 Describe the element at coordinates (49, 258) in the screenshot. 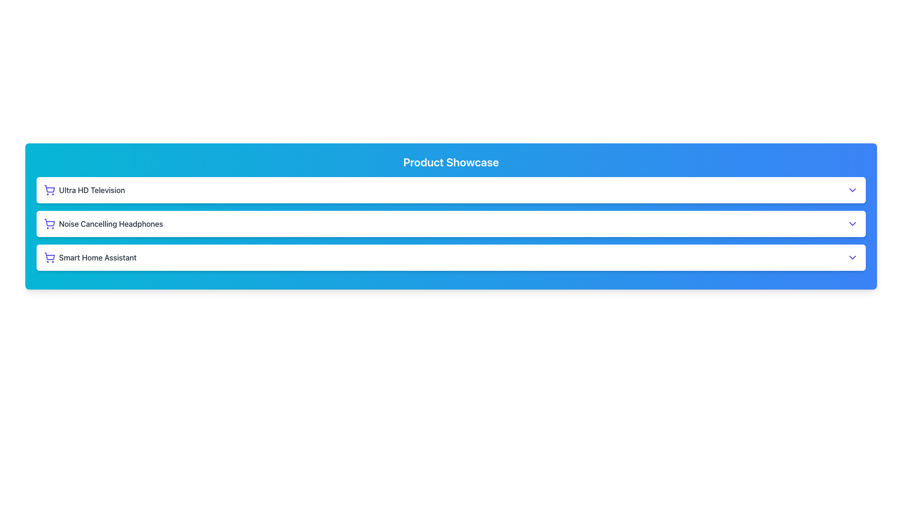

I see `the indigo shopping cart icon located to the left of the text 'Smart Home Assistant' in the vertical list` at that location.